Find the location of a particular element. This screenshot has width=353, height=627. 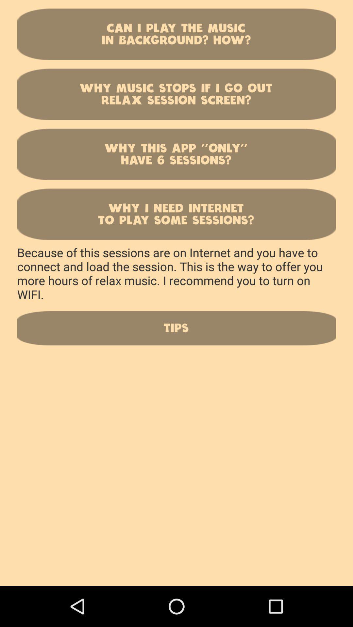

icon below can i play button is located at coordinates (176, 94).